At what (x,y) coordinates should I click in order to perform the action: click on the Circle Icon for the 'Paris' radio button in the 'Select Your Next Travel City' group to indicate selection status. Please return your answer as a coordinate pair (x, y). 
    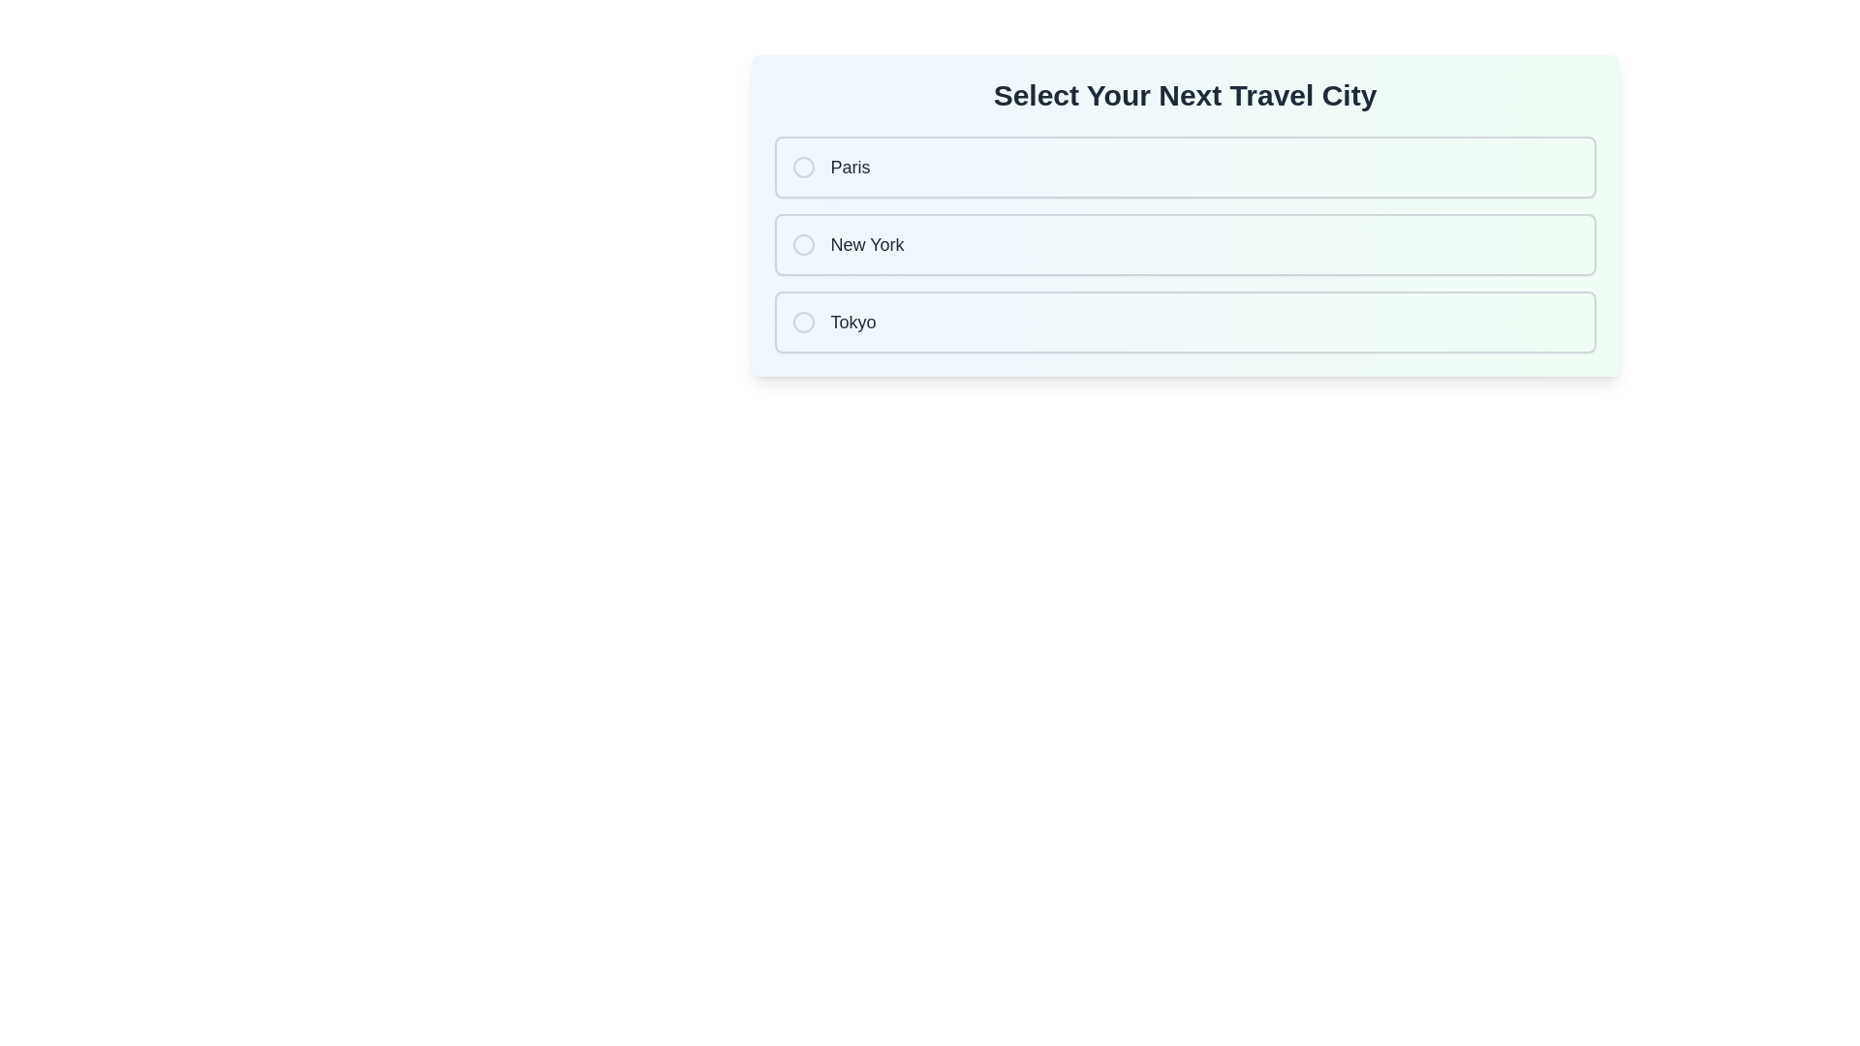
    Looking at the image, I should click on (803, 167).